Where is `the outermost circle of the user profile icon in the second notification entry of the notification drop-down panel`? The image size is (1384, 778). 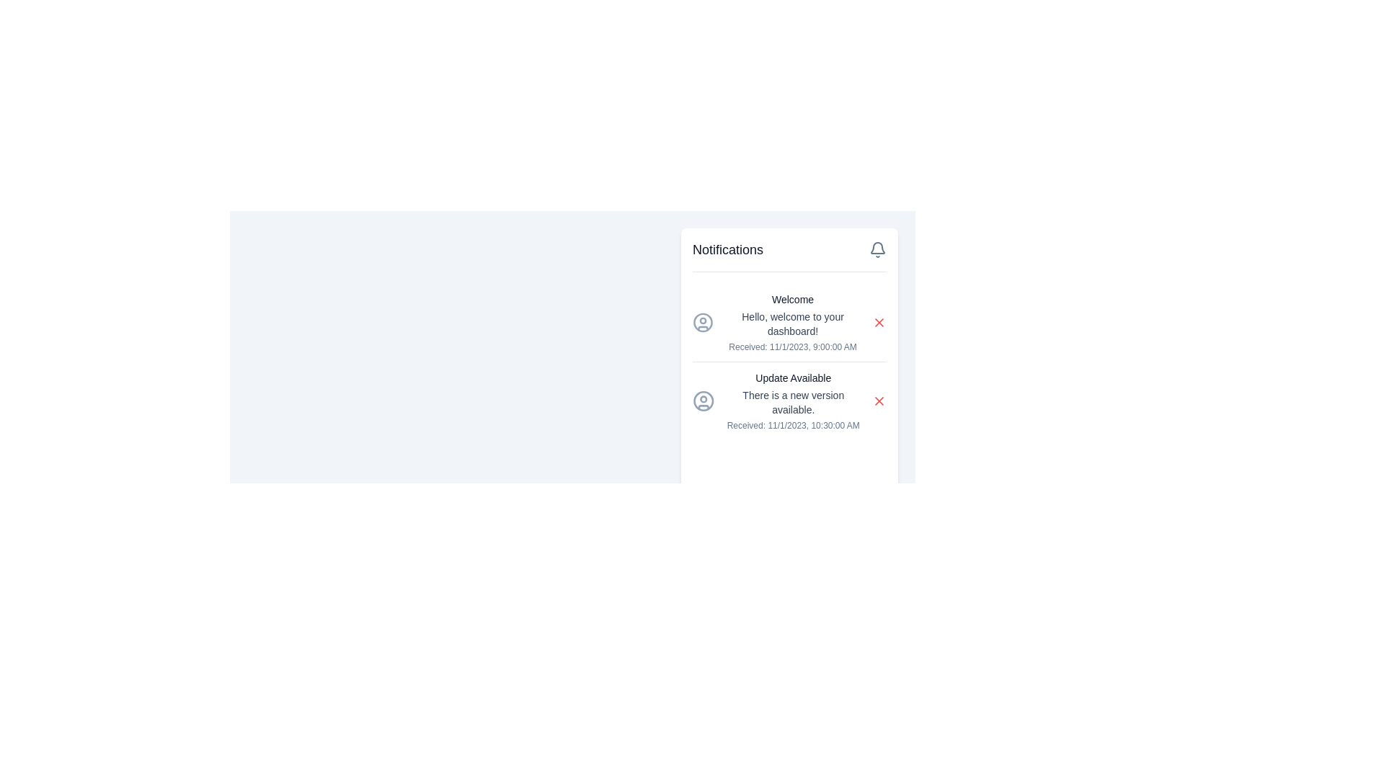 the outermost circle of the user profile icon in the second notification entry of the notification drop-down panel is located at coordinates (703, 321).